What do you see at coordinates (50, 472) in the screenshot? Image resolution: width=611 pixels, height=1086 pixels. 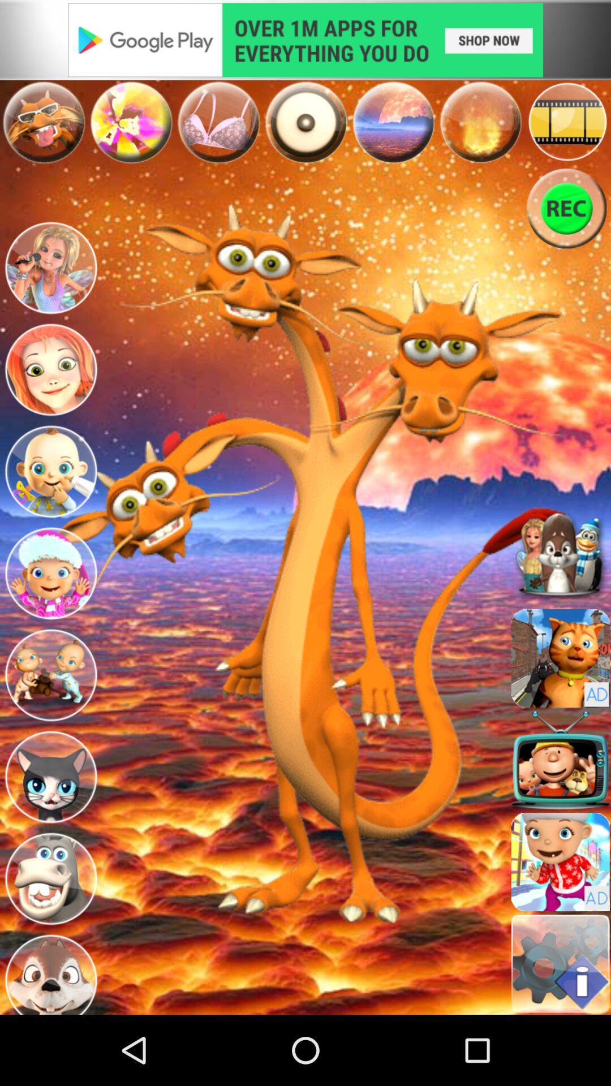 I see `choose your avatar` at bounding box center [50, 472].